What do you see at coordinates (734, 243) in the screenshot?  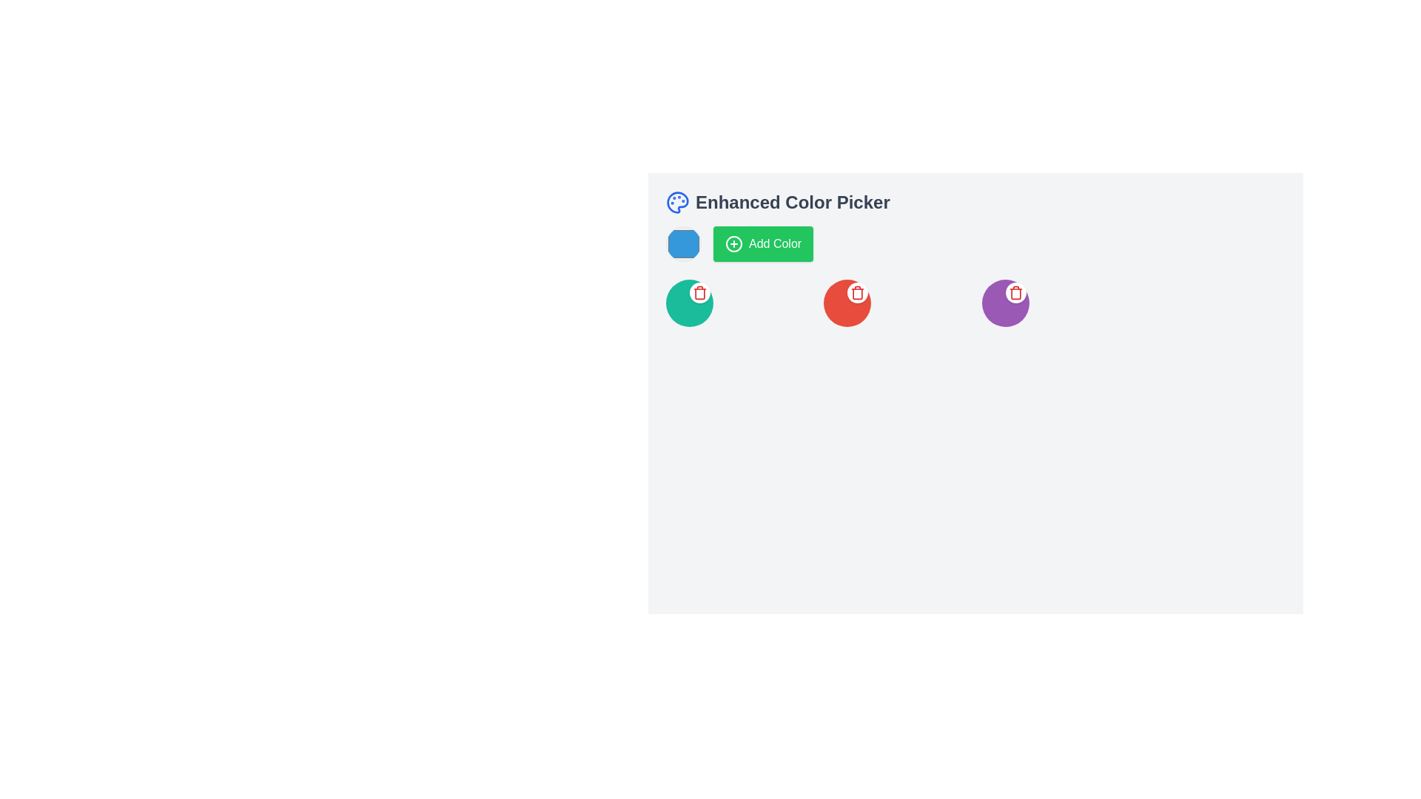 I see `the plus sign icon within the 'Add Color' button` at bounding box center [734, 243].